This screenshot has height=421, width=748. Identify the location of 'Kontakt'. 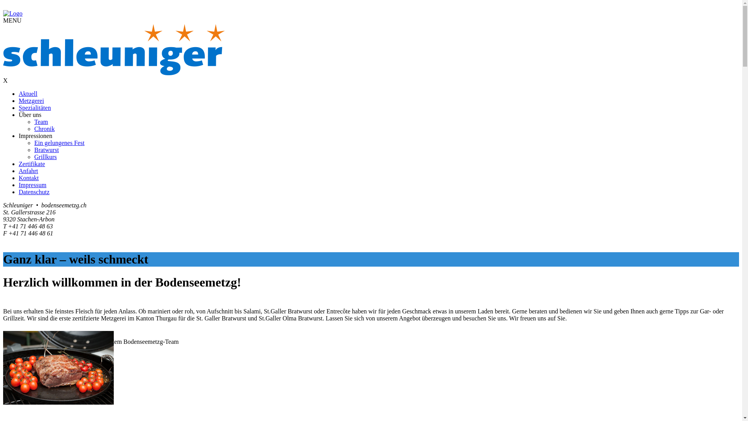
(28, 178).